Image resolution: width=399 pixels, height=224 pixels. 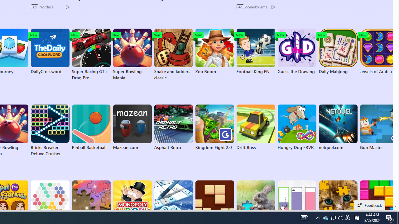 What do you see at coordinates (256, 51) in the screenshot?
I see `'Football King FN'` at bounding box center [256, 51].